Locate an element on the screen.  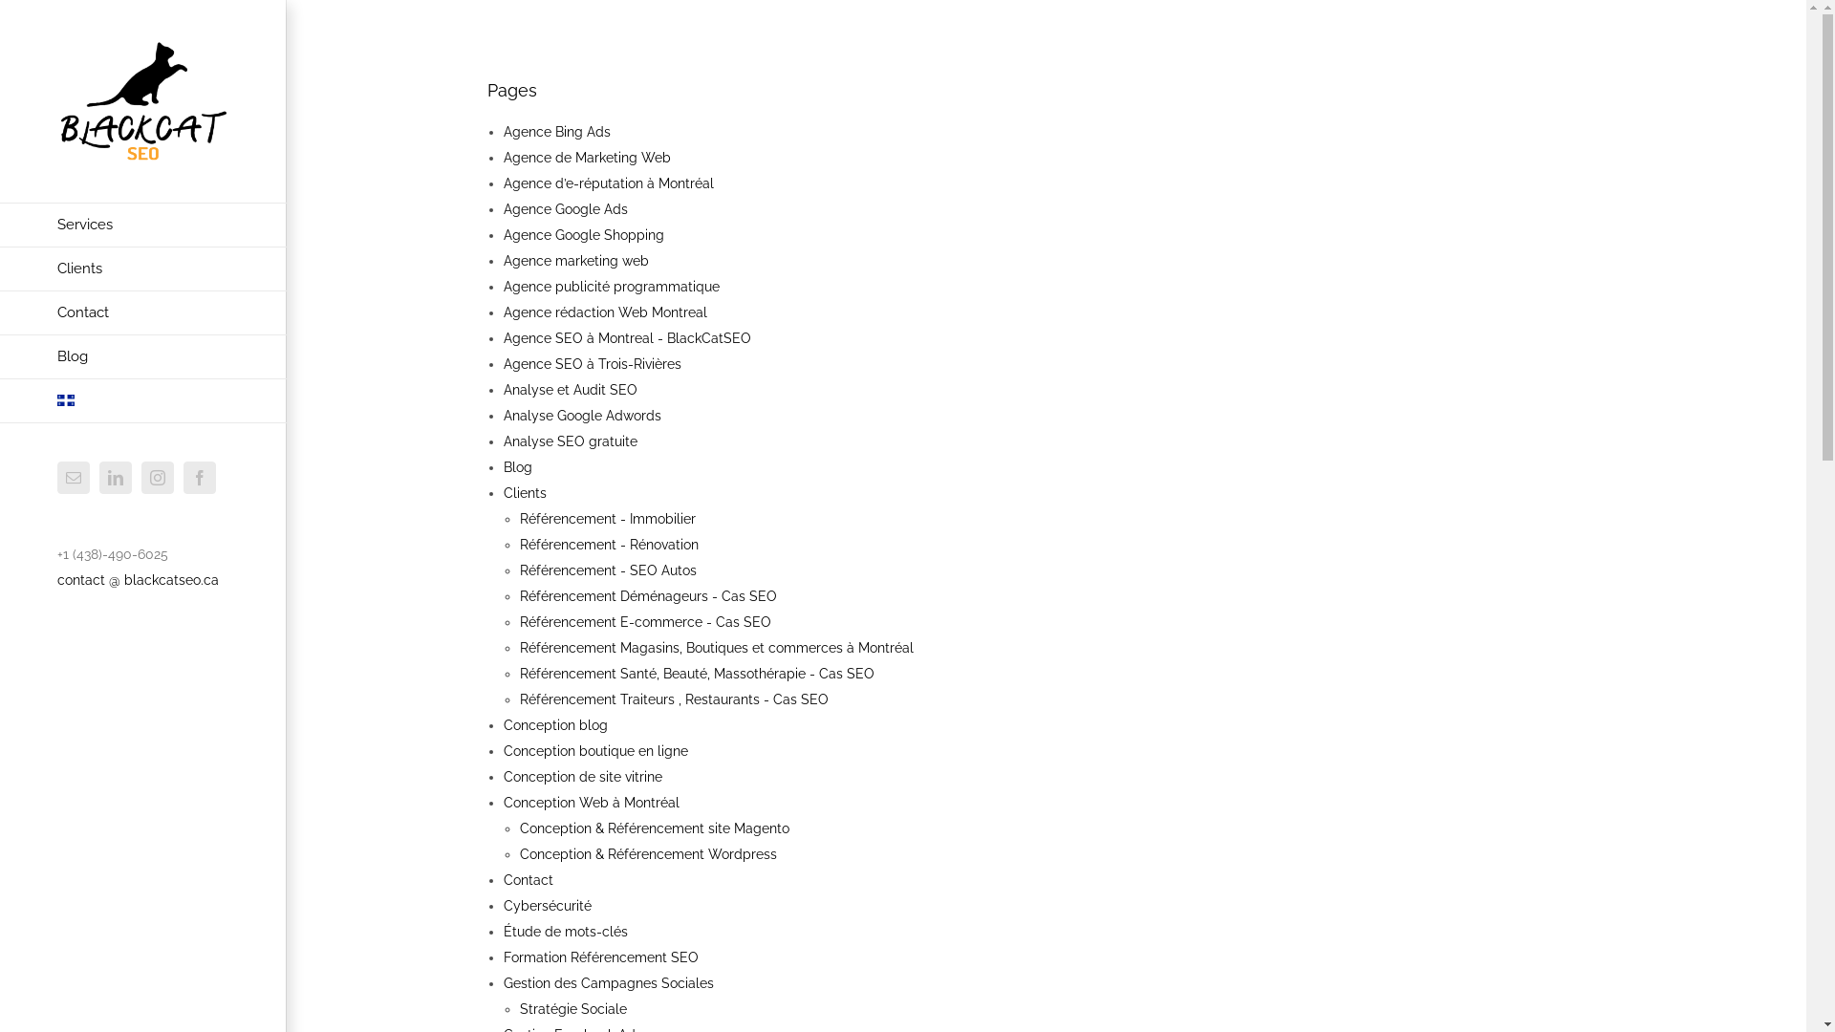
'LinkedIn' is located at coordinates (114, 477).